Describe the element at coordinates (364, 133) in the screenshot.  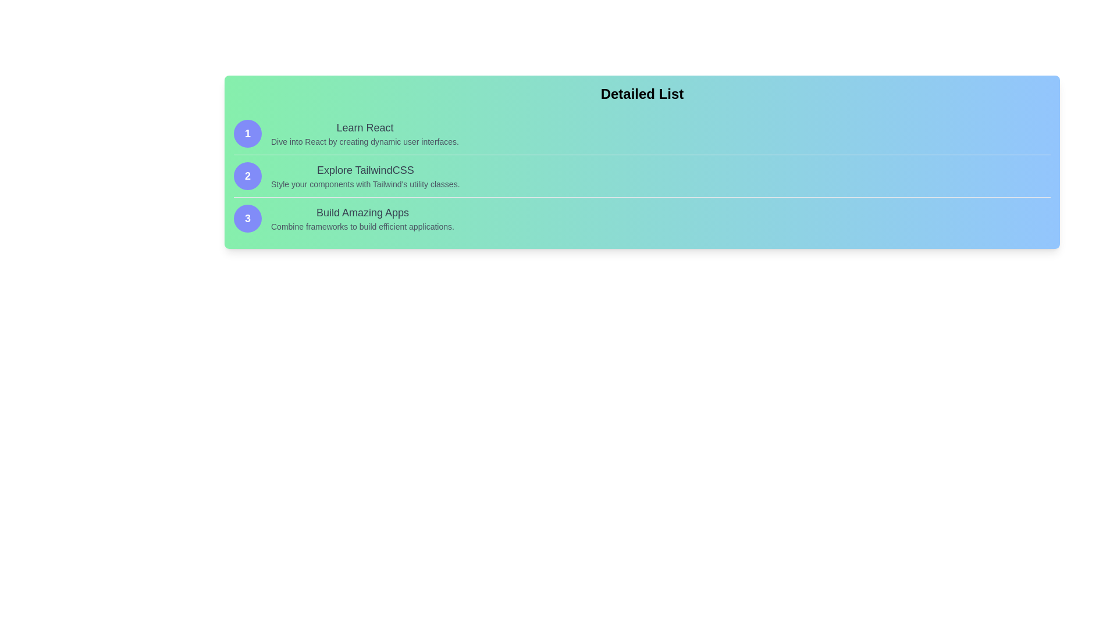
I see `the text block that provides a title and summary of the first React-related topic in the educational list, located under the 'Detailed List' heading` at that location.